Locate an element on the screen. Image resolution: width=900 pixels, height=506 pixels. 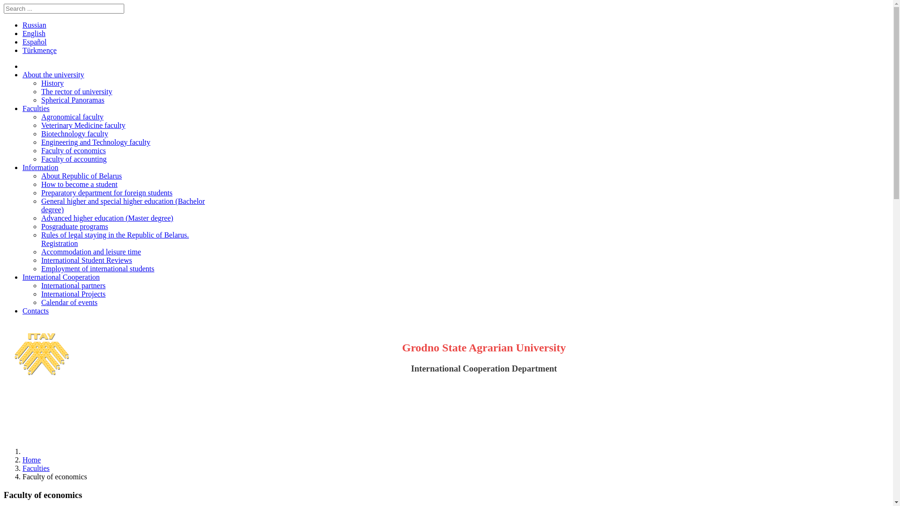
'Biotechnology faculty' is located at coordinates (74, 134).